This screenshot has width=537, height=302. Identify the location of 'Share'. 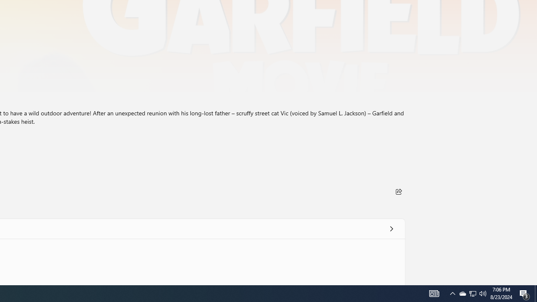
(398, 191).